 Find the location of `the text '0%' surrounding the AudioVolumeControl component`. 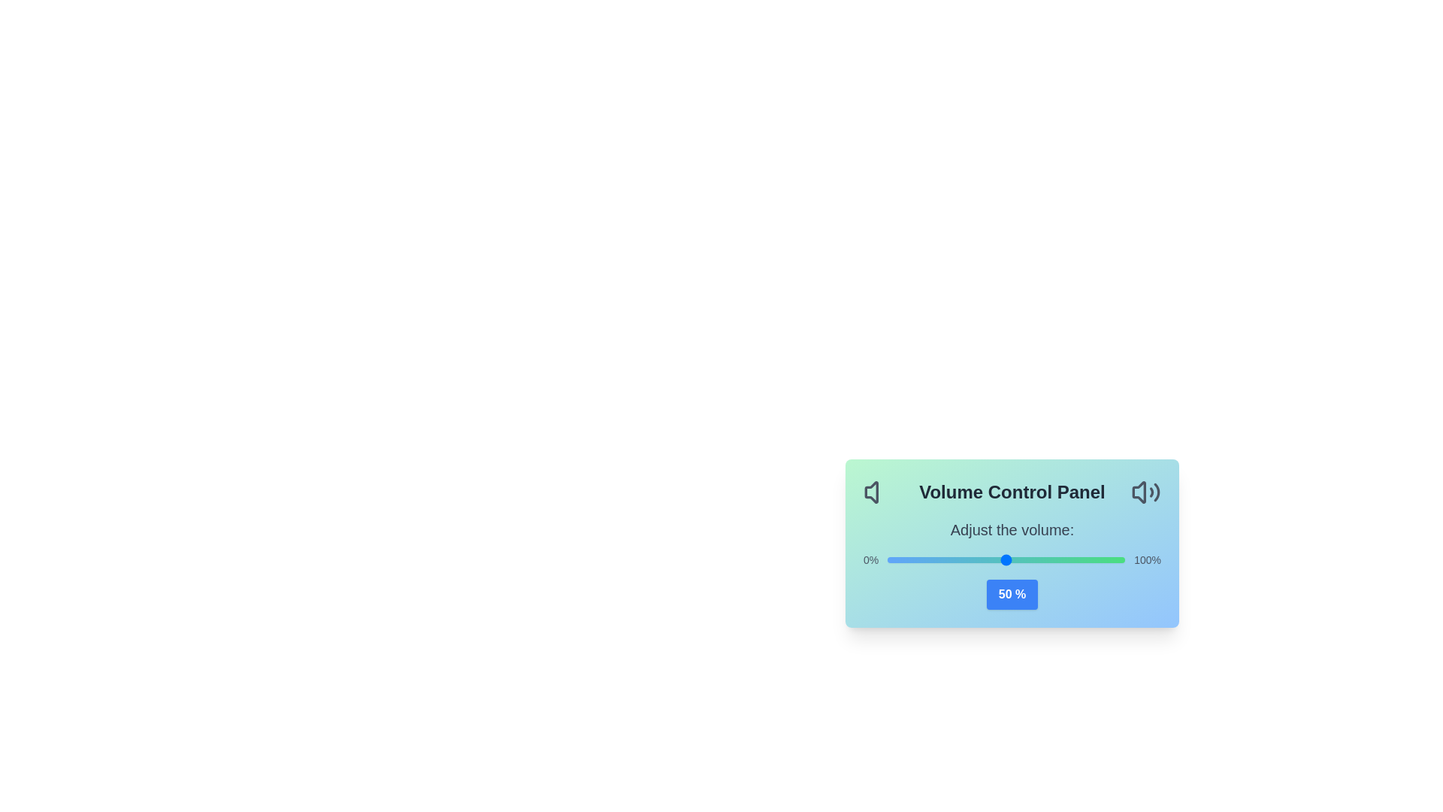

the text '0%' surrounding the AudioVolumeControl component is located at coordinates (870, 559).